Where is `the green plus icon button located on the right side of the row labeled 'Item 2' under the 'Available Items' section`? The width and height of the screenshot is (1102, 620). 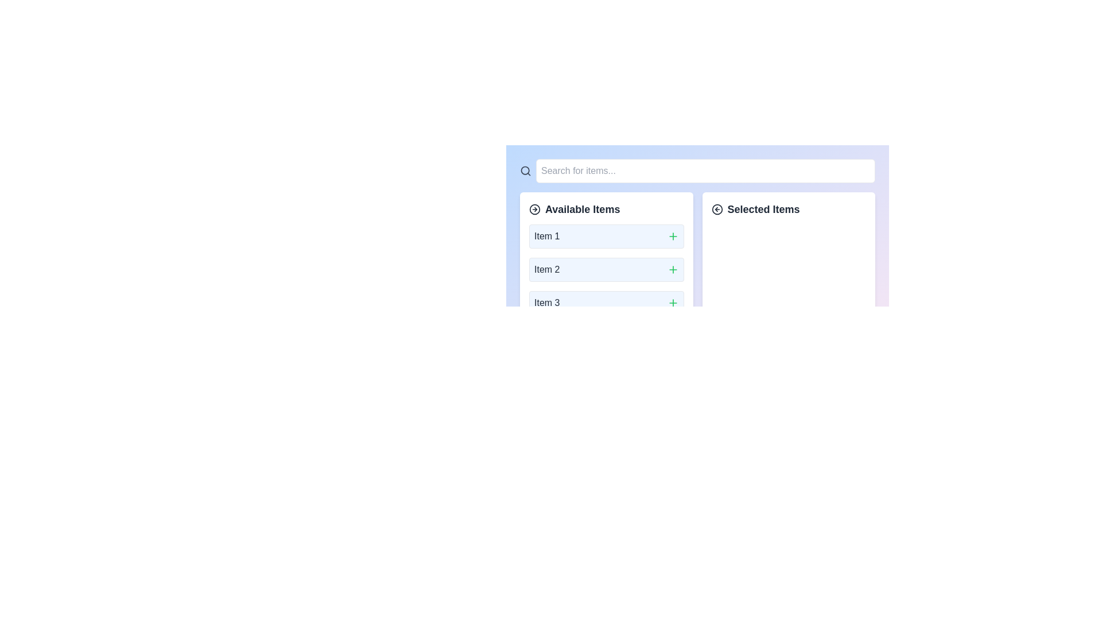 the green plus icon button located on the right side of the row labeled 'Item 2' under the 'Available Items' section is located at coordinates (673, 270).